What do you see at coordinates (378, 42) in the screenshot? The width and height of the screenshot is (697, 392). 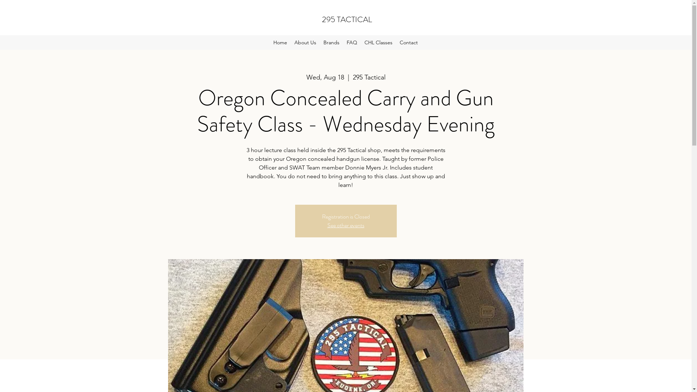 I see `'CHL Classes'` at bounding box center [378, 42].